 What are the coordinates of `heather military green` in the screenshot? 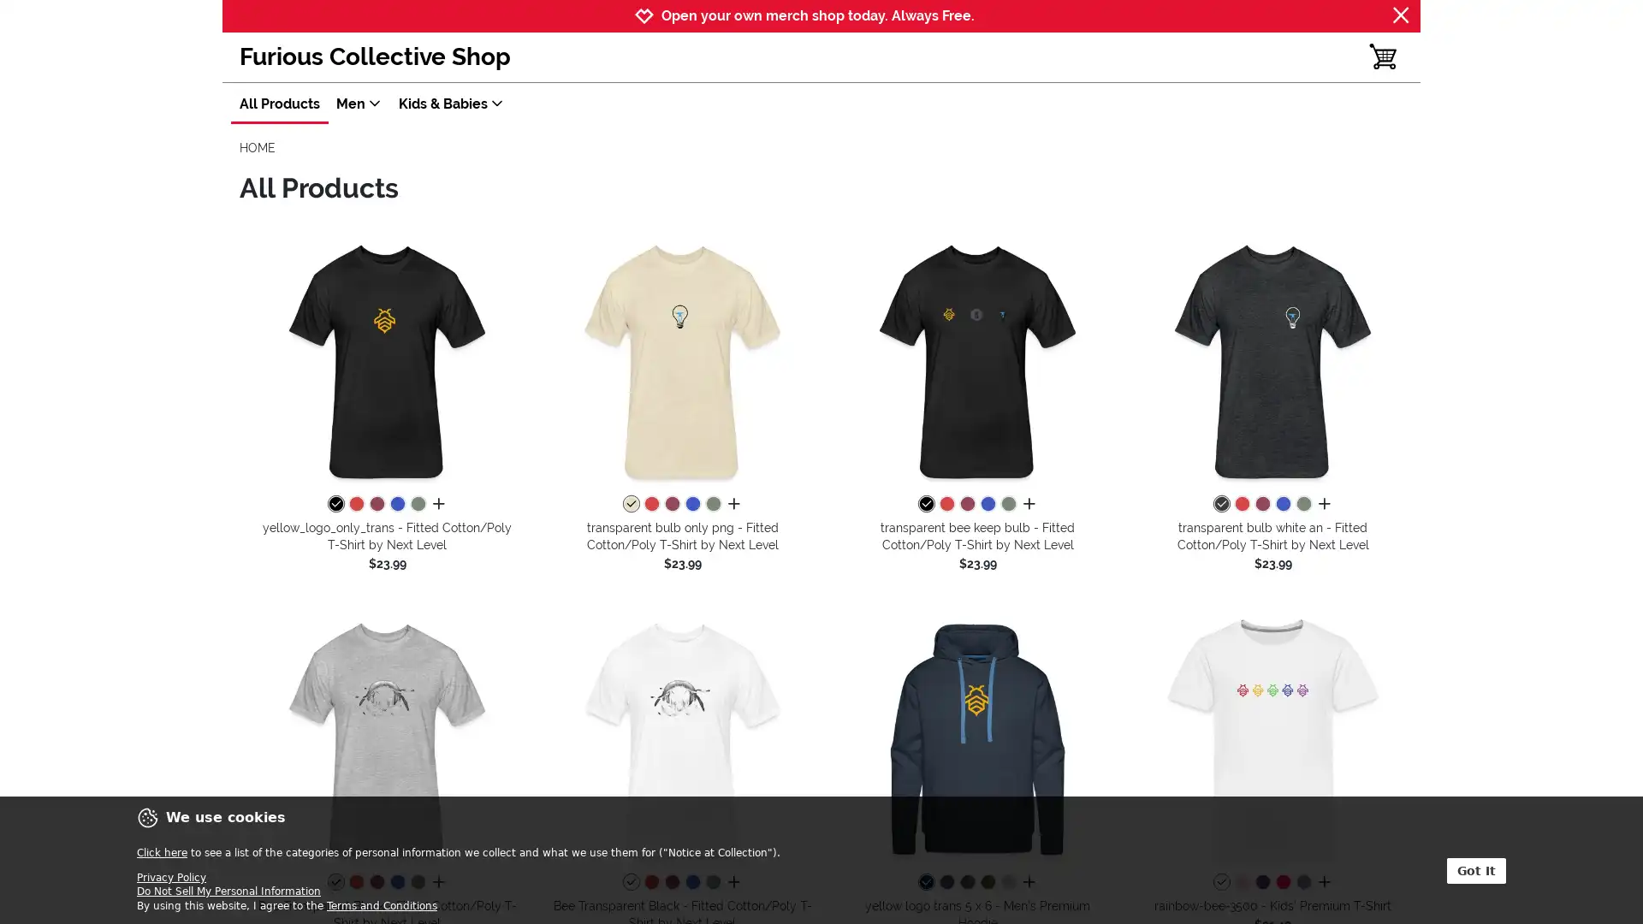 It's located at (1302, 504).